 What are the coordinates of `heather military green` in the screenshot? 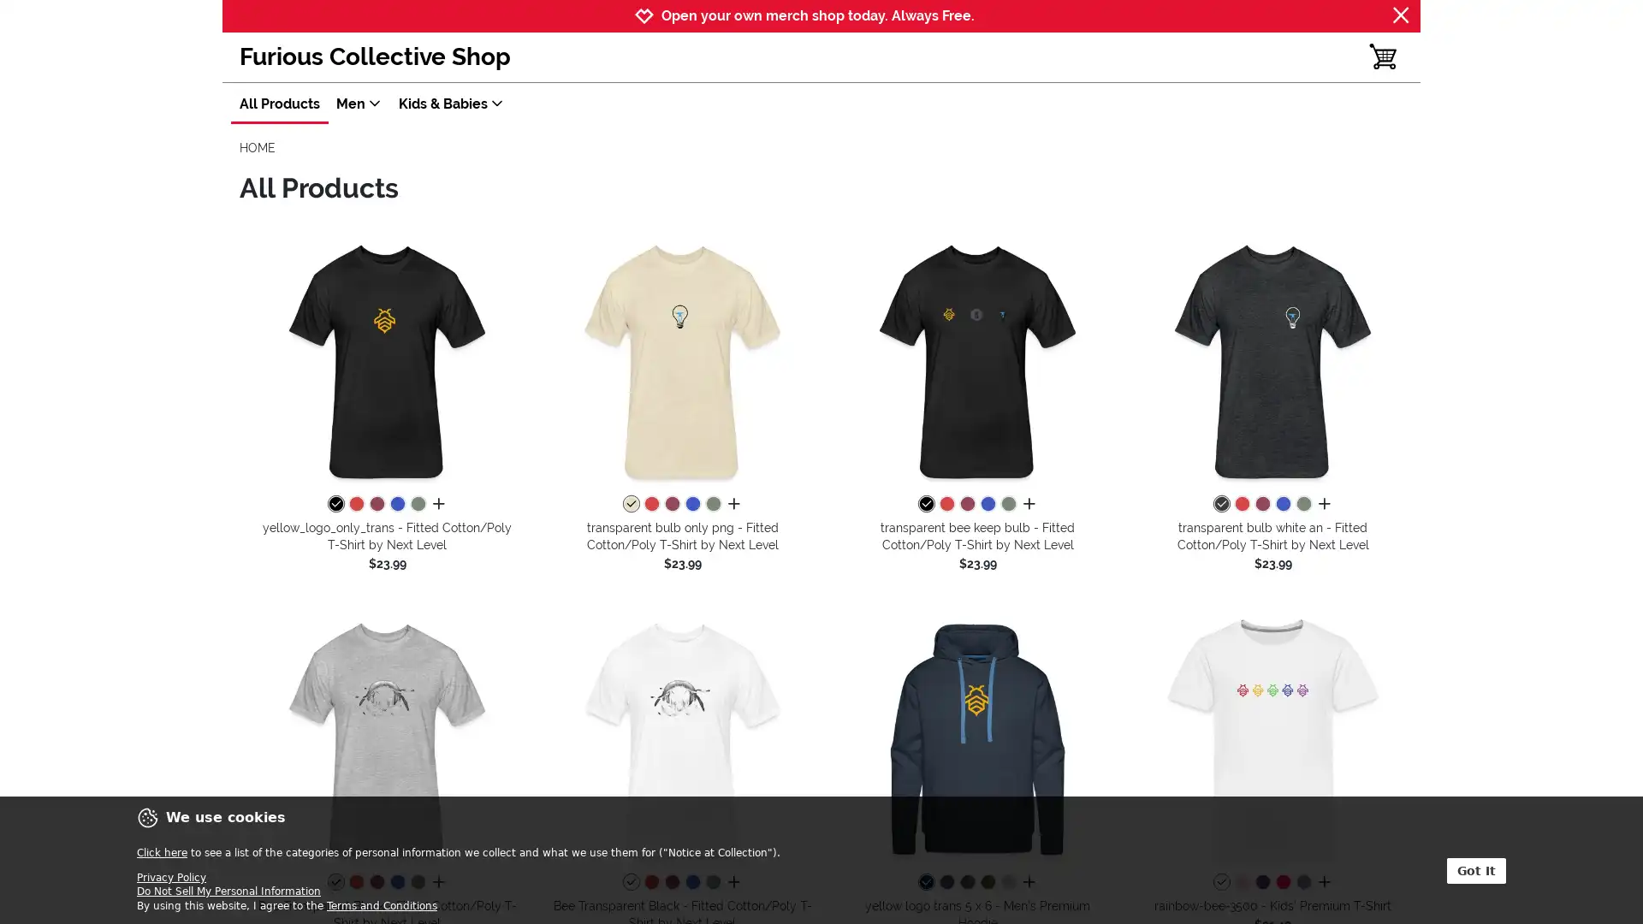 It's located at (1302, 504).